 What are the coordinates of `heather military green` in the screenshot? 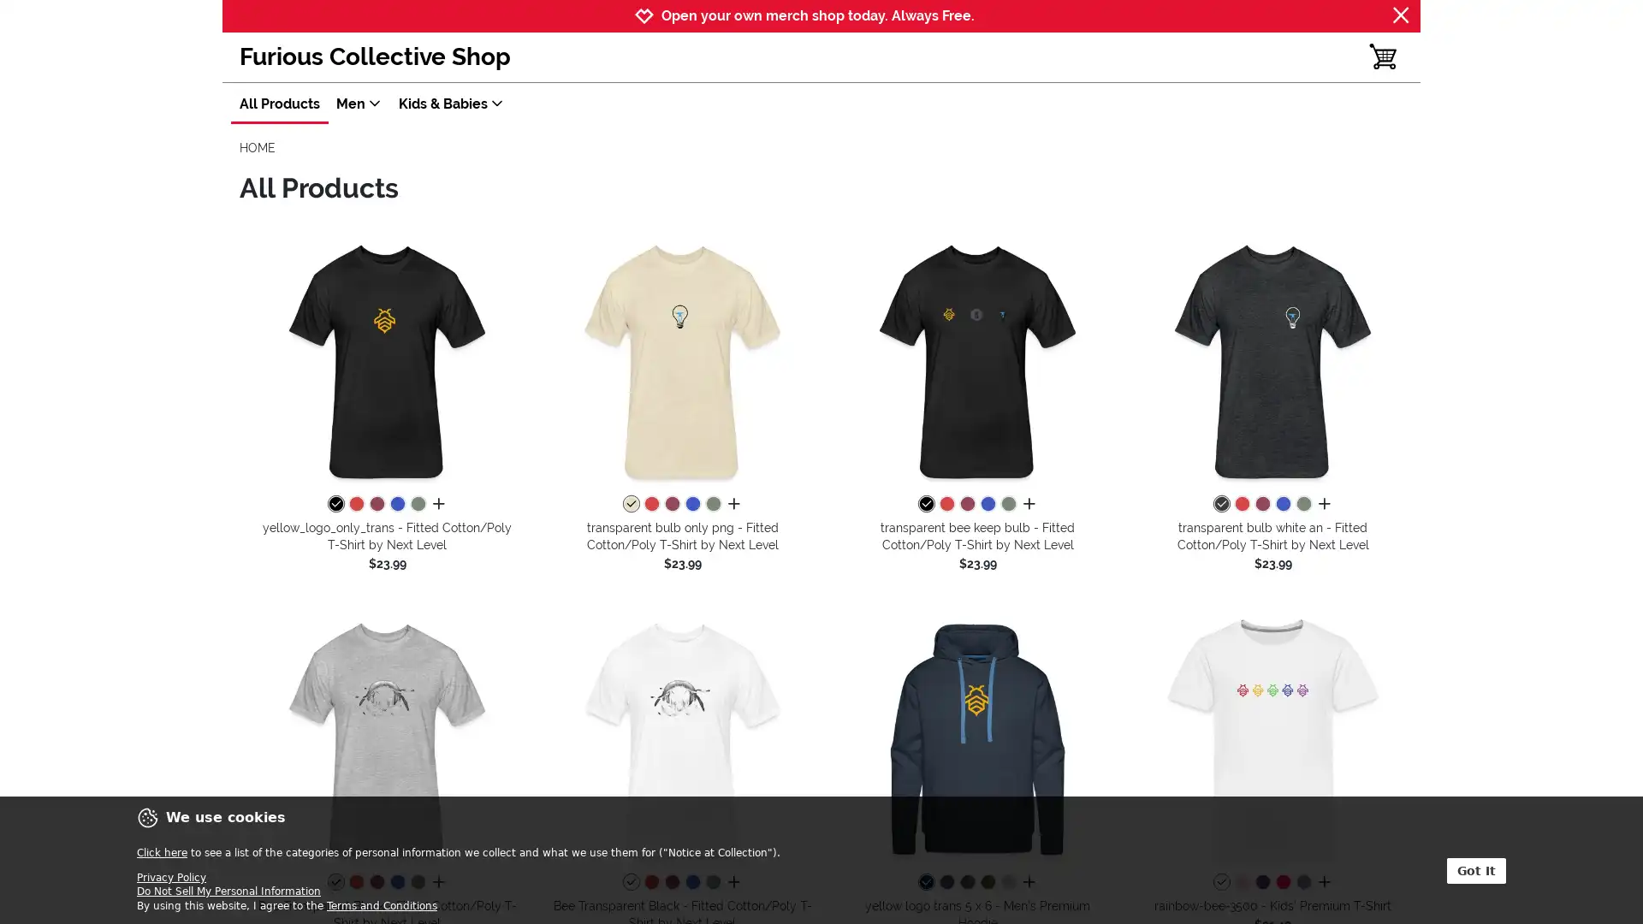 It's located at (1302, 504).